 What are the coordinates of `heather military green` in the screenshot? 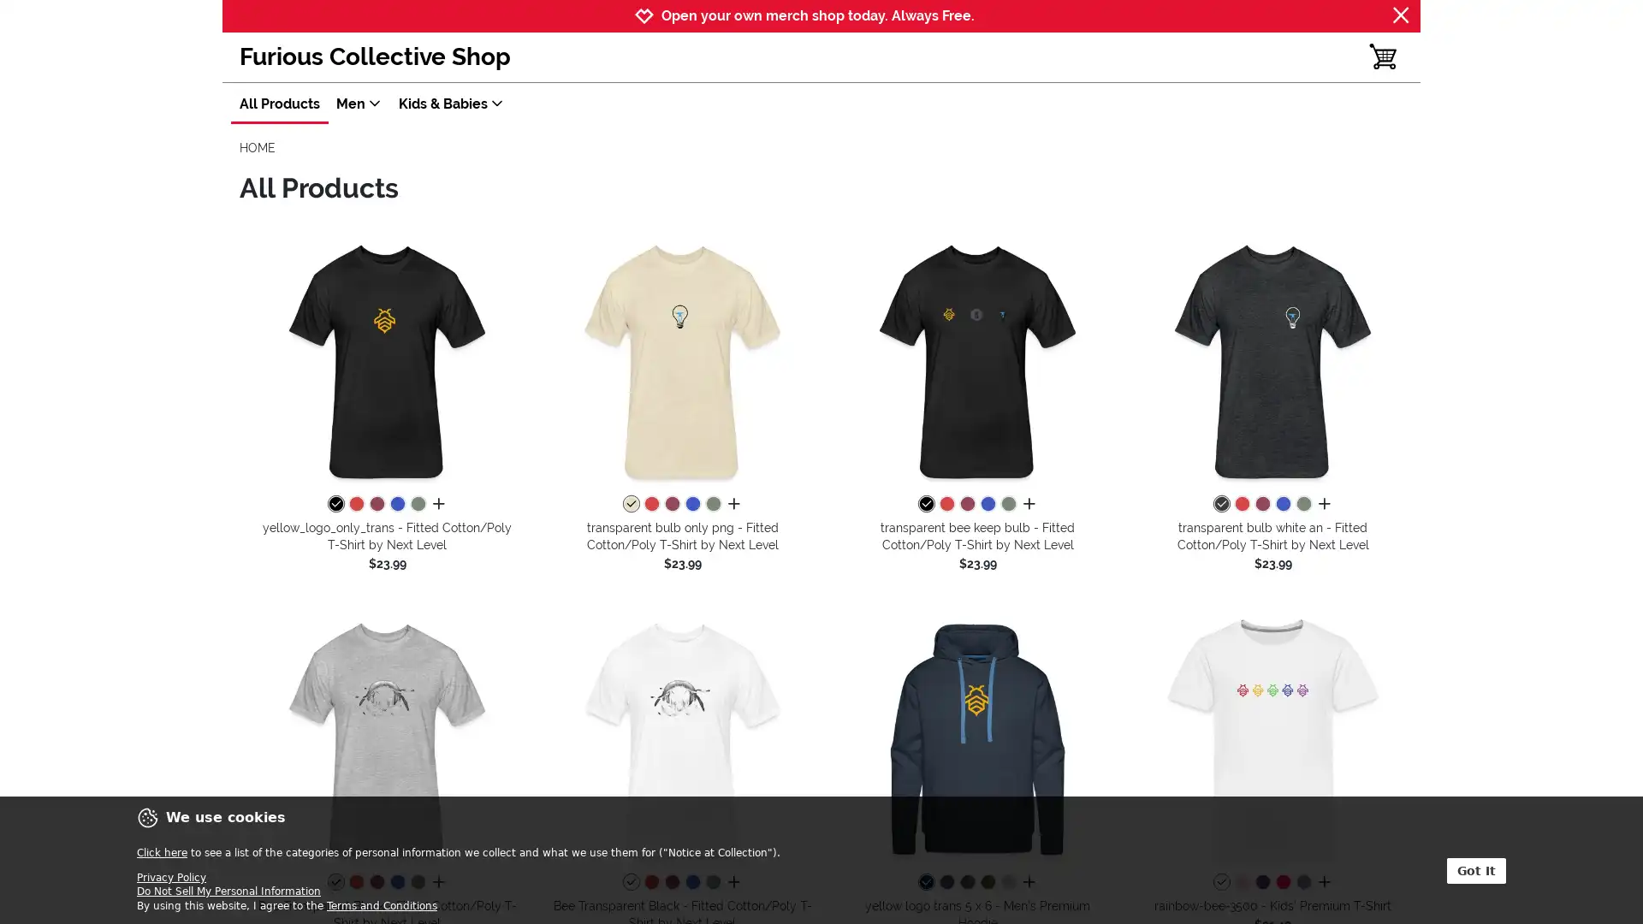 It's located at (1302, 504).